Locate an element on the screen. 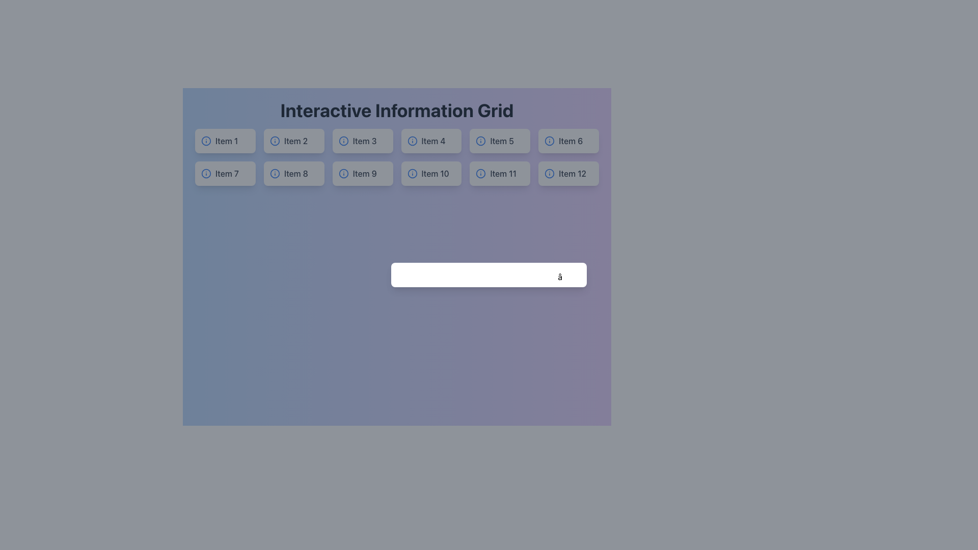 This screenshot has width=978, height=550. the Label with Icon that serves as an information node for 'Item 11', positioned in the second row, second from the left, directly above a white rectangular input box is located at coordinates (500, 173).